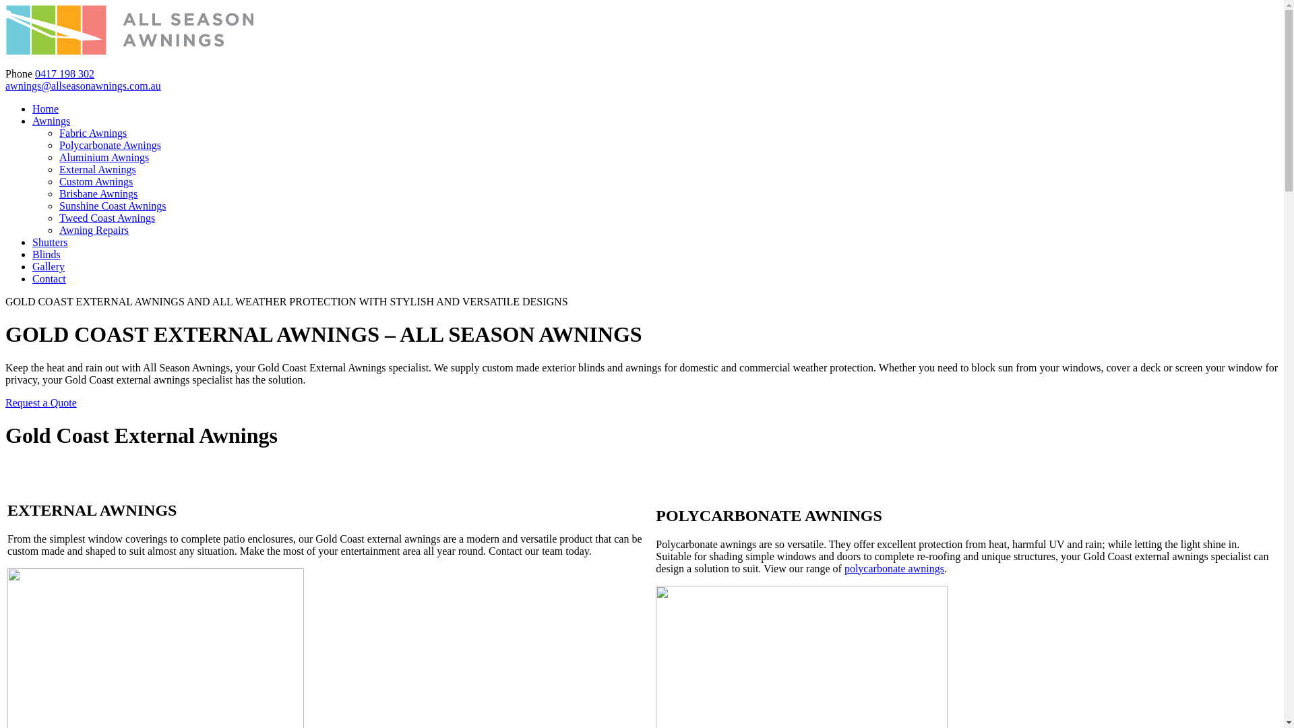 The image size is (1294, 728). I want to click on 'awnings@allseasonawnings.com.au', so click(82, 86).